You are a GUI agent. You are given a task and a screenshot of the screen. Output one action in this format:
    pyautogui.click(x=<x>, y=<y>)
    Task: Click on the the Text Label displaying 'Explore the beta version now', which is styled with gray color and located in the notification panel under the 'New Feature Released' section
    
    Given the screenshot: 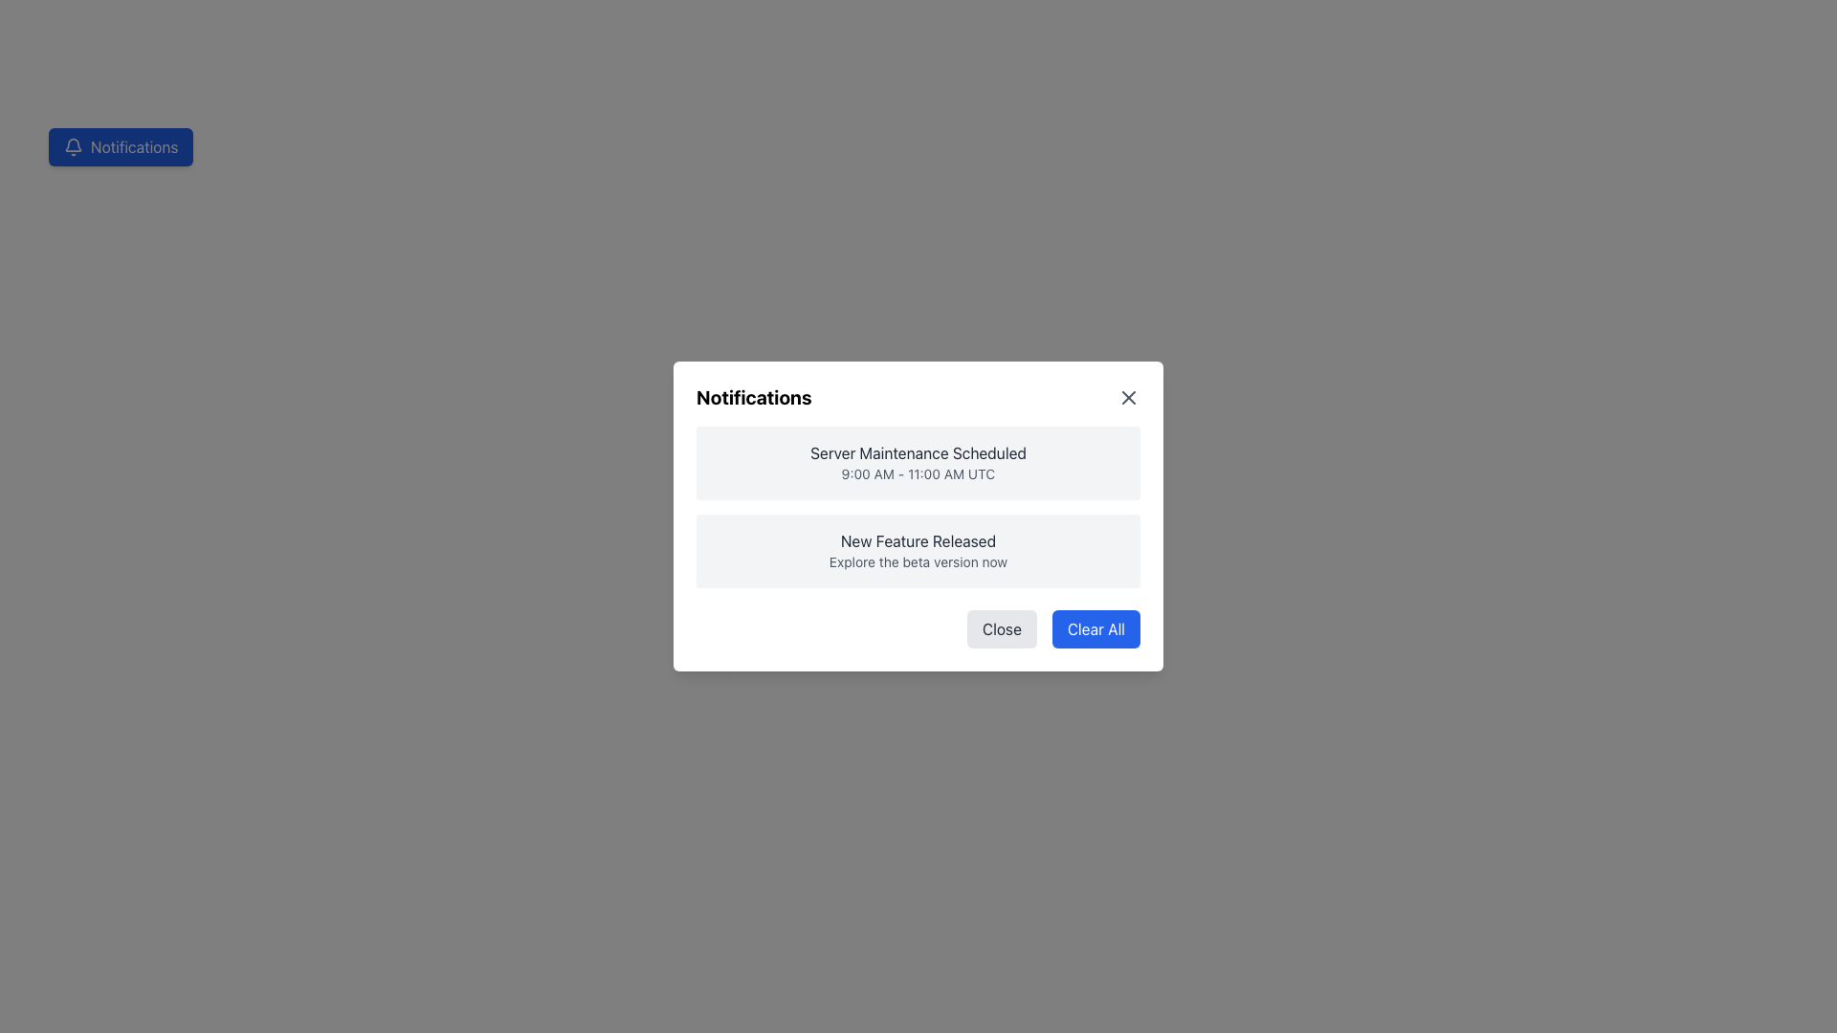 What is the action you would take?
    pyautogui.click(x=918, y=560)
    